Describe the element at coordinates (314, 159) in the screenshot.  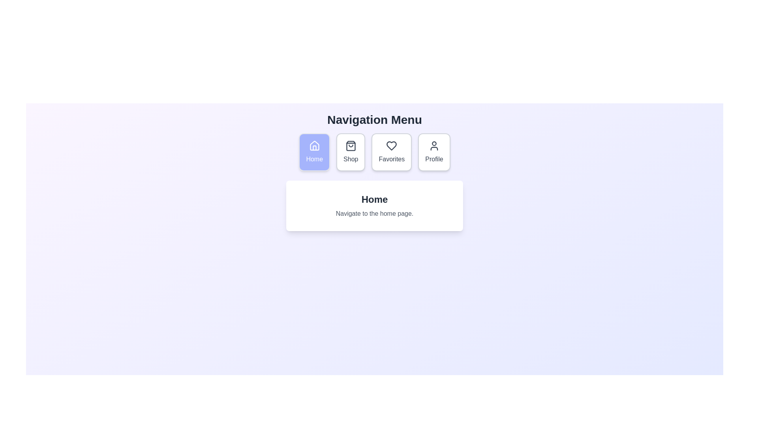
I see `text label displaying 'Home' located at the bottom-center of the navigation button with a house icon above it` at that location.